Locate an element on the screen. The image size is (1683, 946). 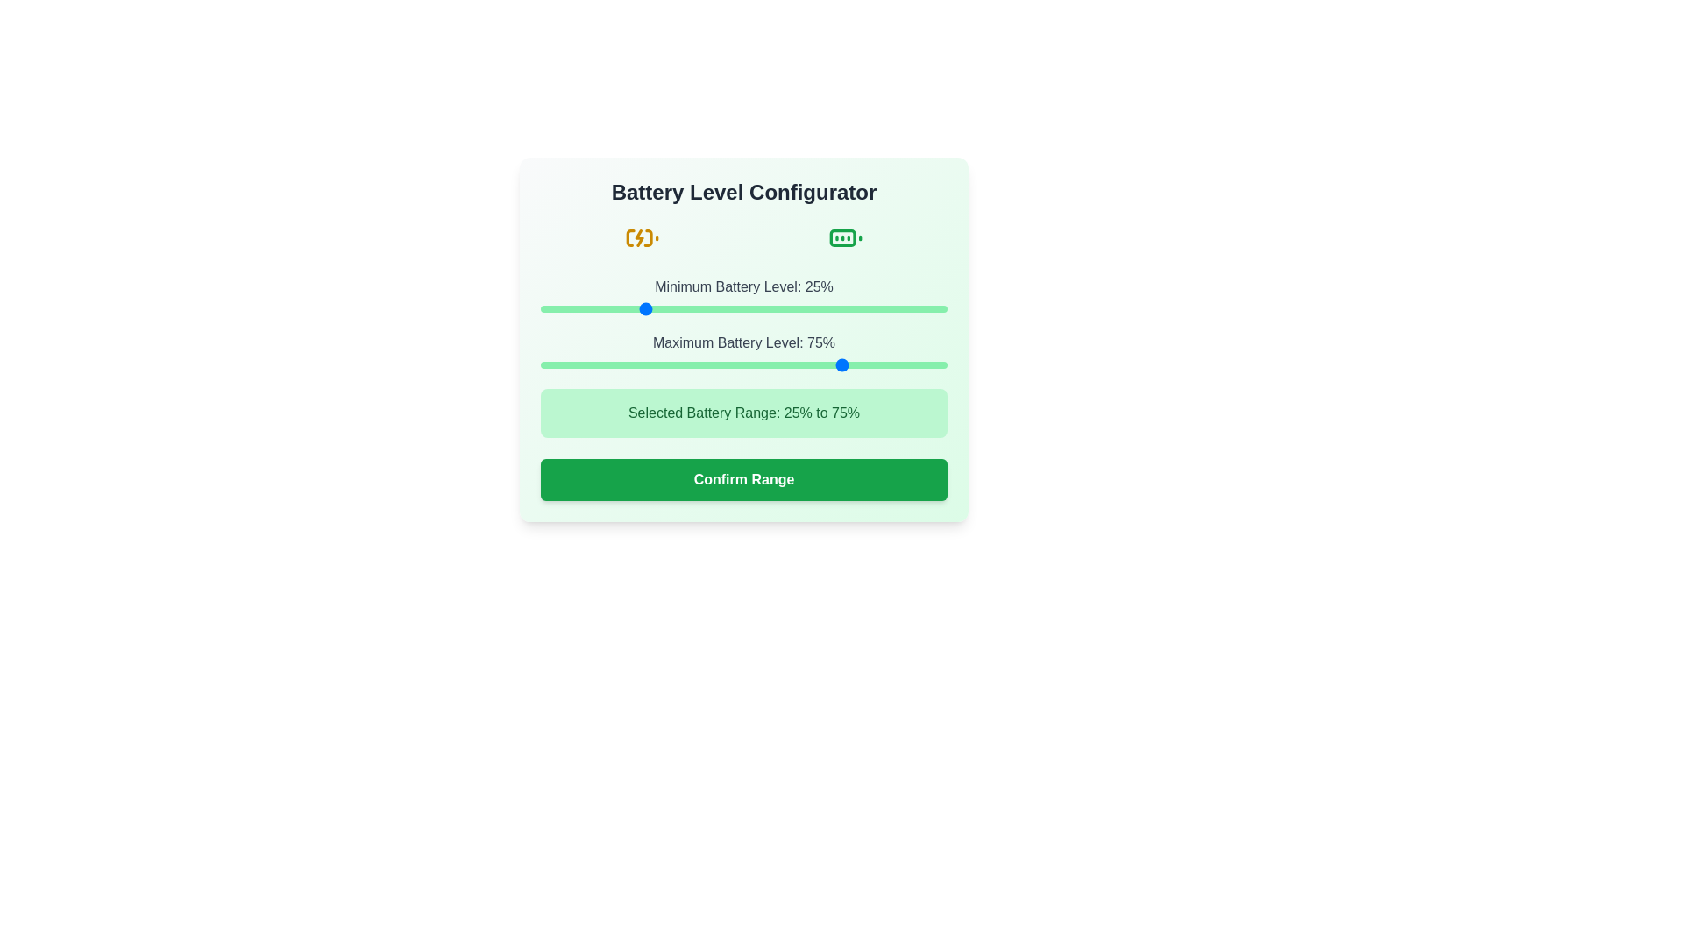
header text 'Battery Level Configurator' which is a bold, center-aligned text element located at the top of the form area is located at coordinates (744, 192).